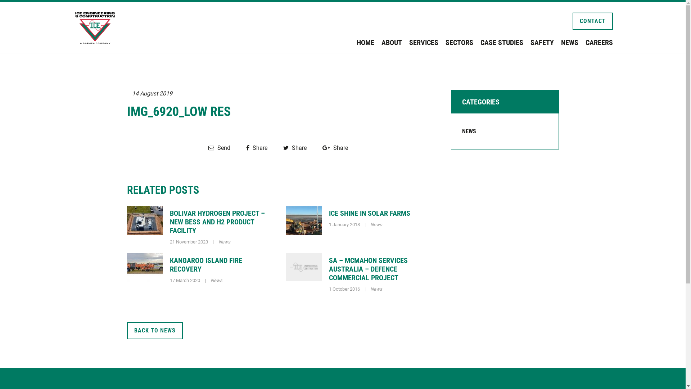  Describe the element at coordinates (370, 213) in the screenshot. I see `'ICE SHINE IN SOLAR FARMS'` at that location.